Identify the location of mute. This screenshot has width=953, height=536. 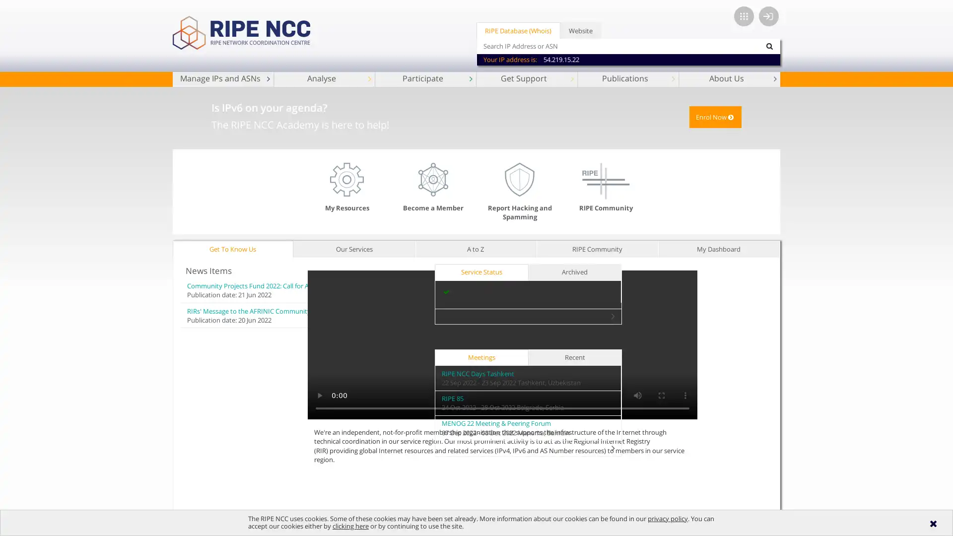
(712, 394).